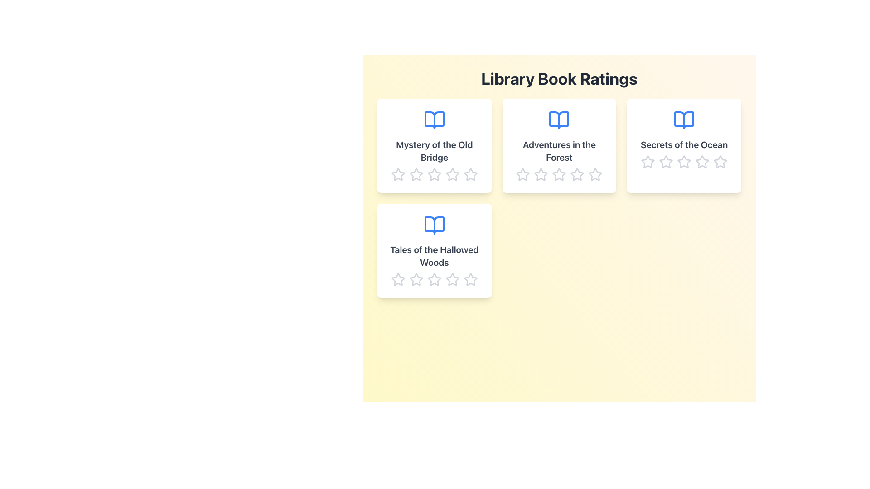 Image resolution: width=870 pixels, height=489 pixels. I want to click on the second star icon in the rating row beneath the card titled 'Tales of the Hallowed Woods', so click(452, 279).